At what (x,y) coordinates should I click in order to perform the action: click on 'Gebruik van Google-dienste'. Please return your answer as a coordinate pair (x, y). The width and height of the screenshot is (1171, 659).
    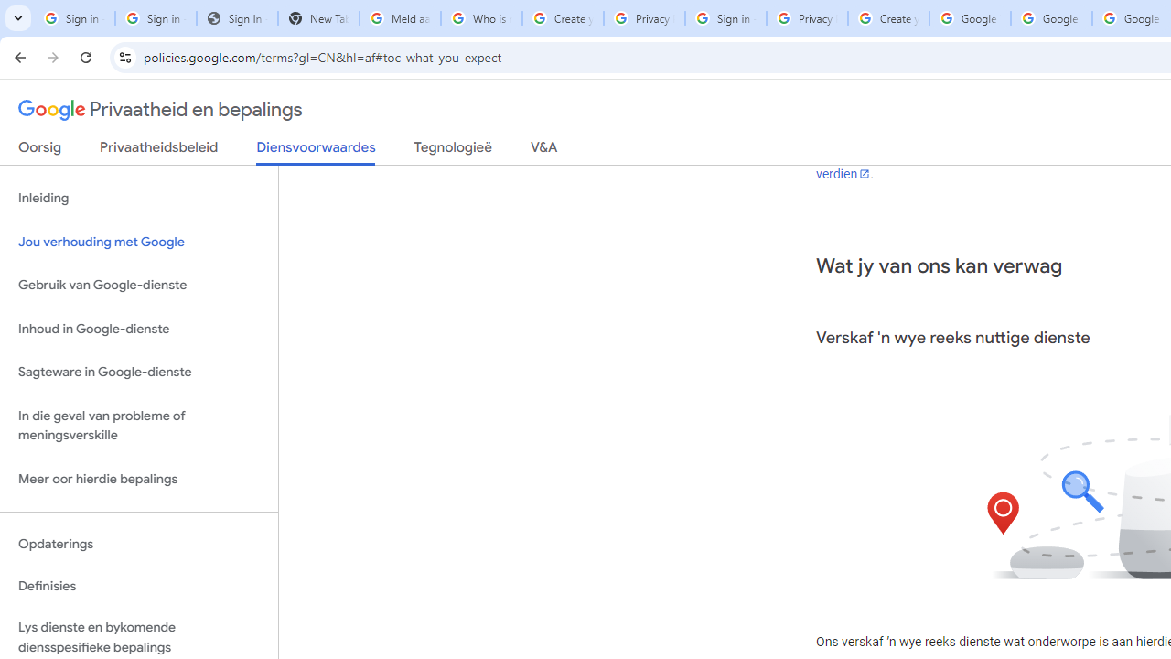
    Looking at the image, I should click on (138, 286).